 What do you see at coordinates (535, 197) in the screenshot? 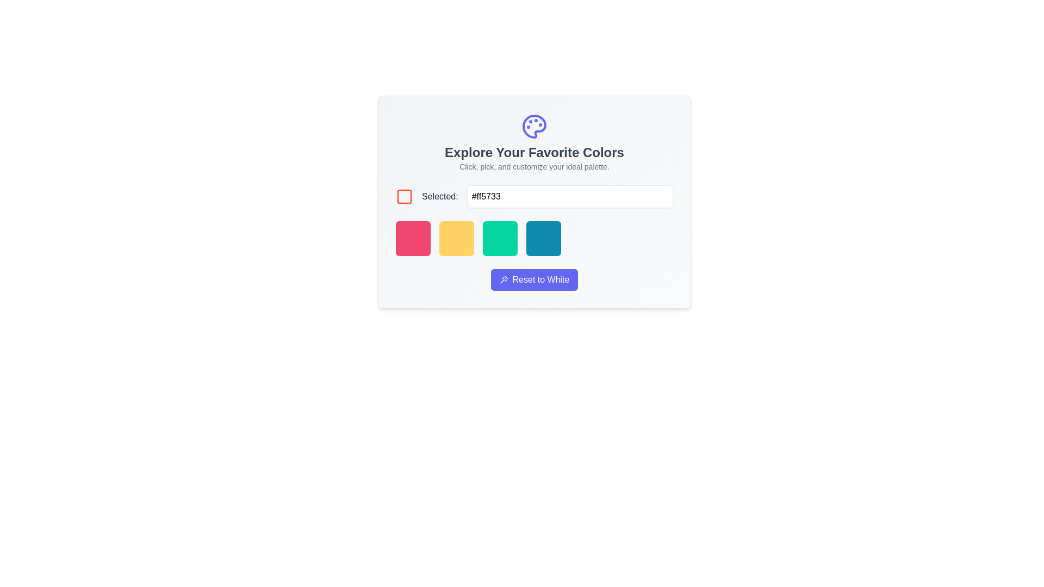
I see `the text input field for editing within the Composite element that includes a checkbox with a red border and the label 'Selected:' in bold` at bounding box center [535, 197].